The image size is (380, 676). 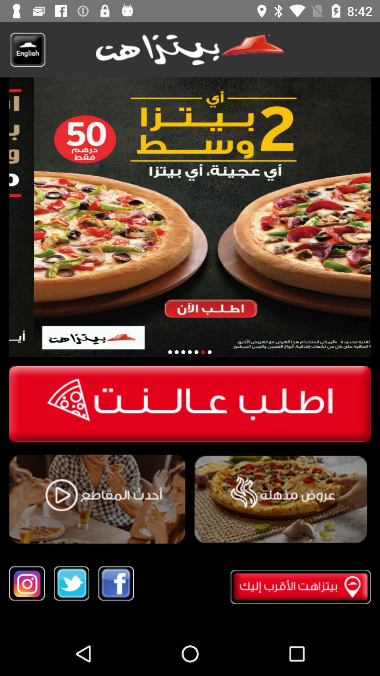 What do you see at coordinates (203, 352) in the screenshot?
I see `the 5th special` at bounding box center [203, 352].